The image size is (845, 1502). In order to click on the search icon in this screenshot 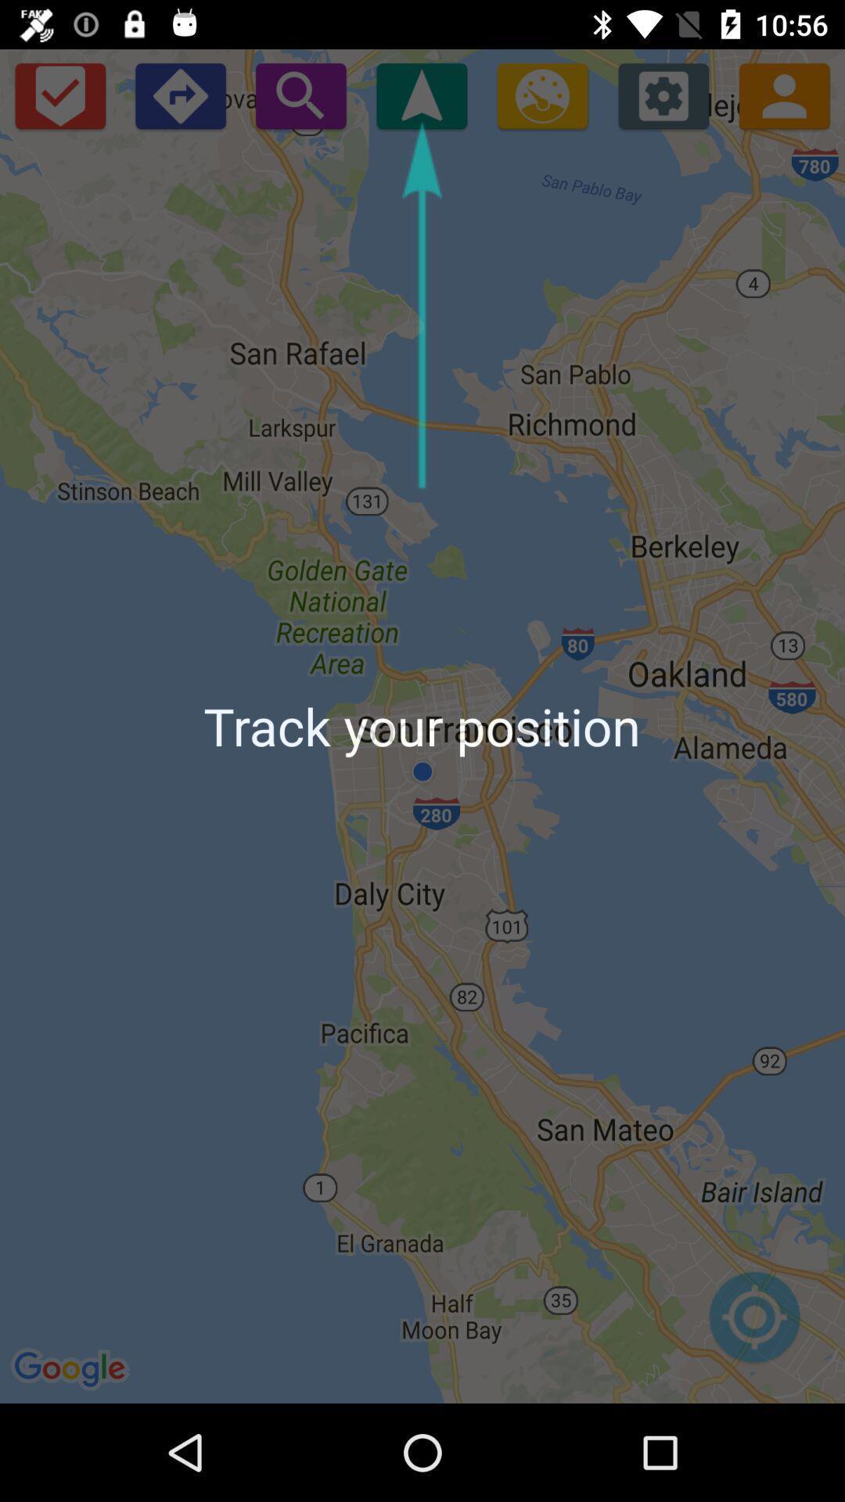, I will do `click(300, 95)`.